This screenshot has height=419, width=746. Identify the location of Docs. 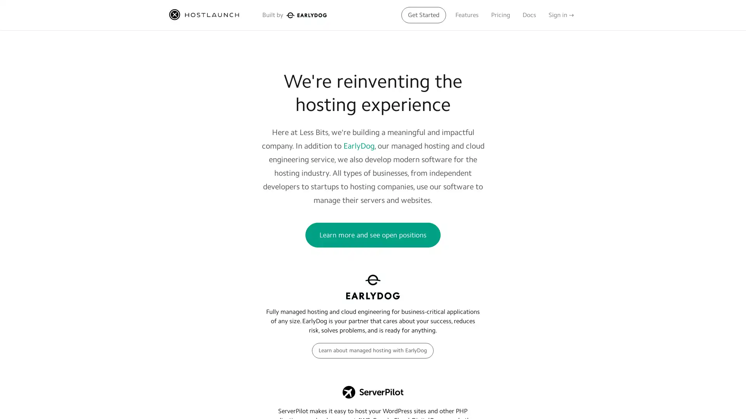
(529, 15).